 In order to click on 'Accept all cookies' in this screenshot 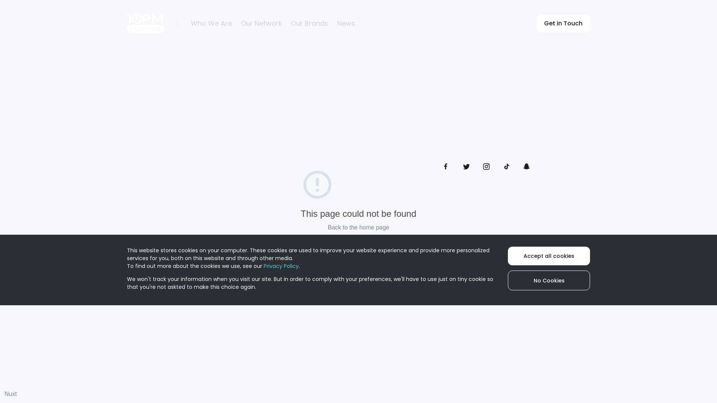, I will do `click(508, 256)`.